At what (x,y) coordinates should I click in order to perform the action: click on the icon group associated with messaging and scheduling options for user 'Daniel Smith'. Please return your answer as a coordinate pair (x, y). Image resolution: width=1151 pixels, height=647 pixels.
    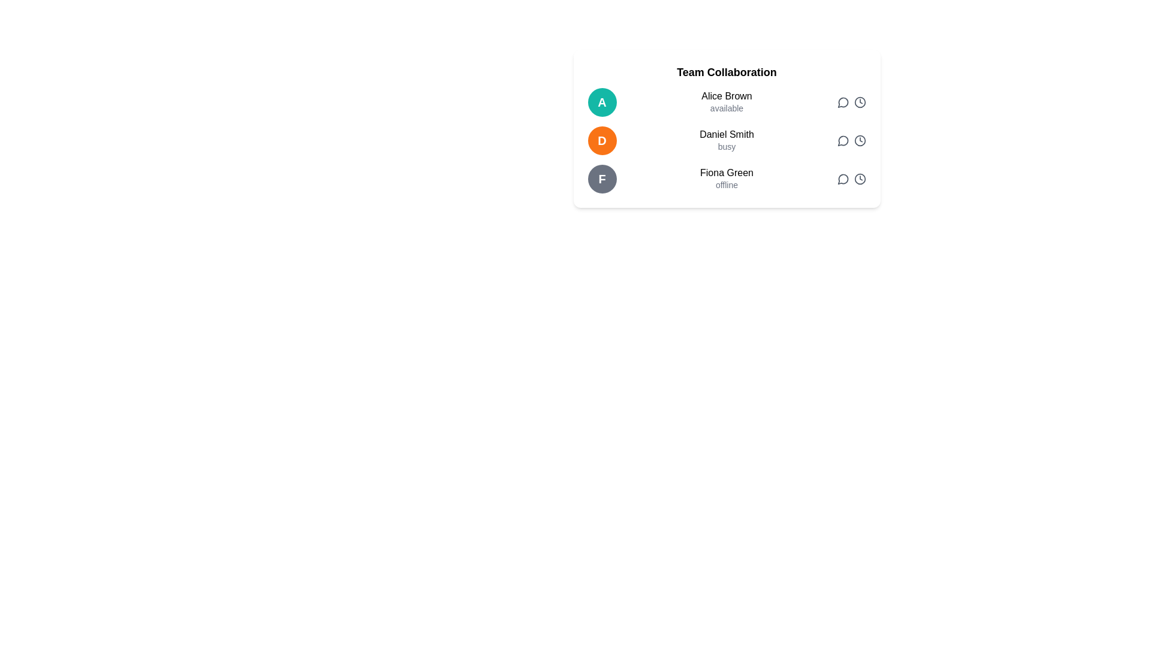
    Looking at the image, I should click on (851, 140).